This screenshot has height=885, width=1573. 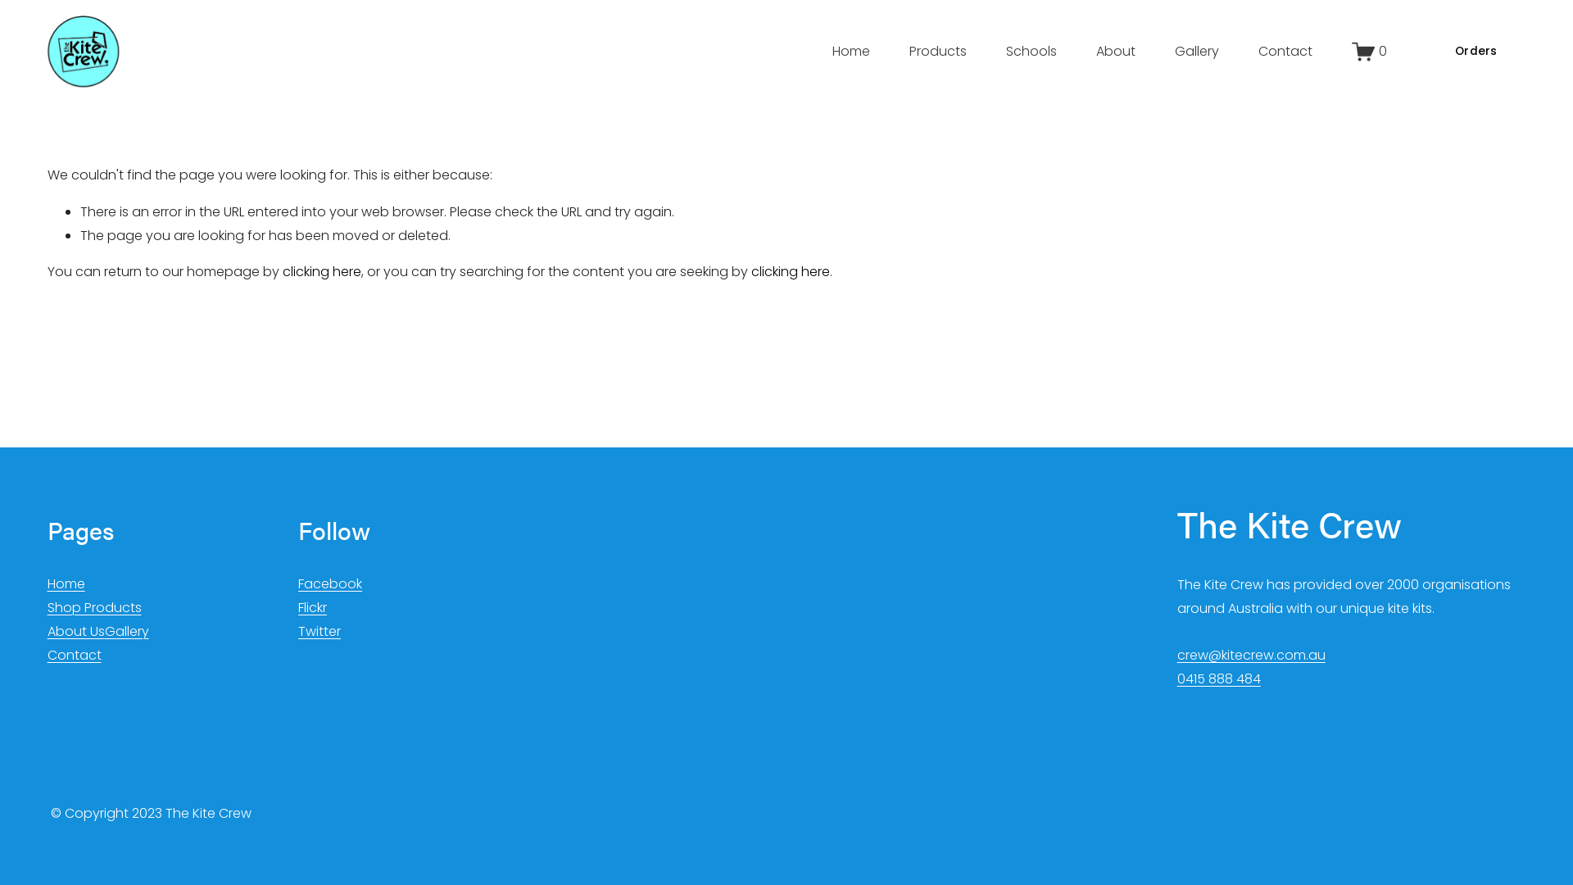 I want to click on 'crew@kitecrew.com.au', so click(x=1250, y=655).